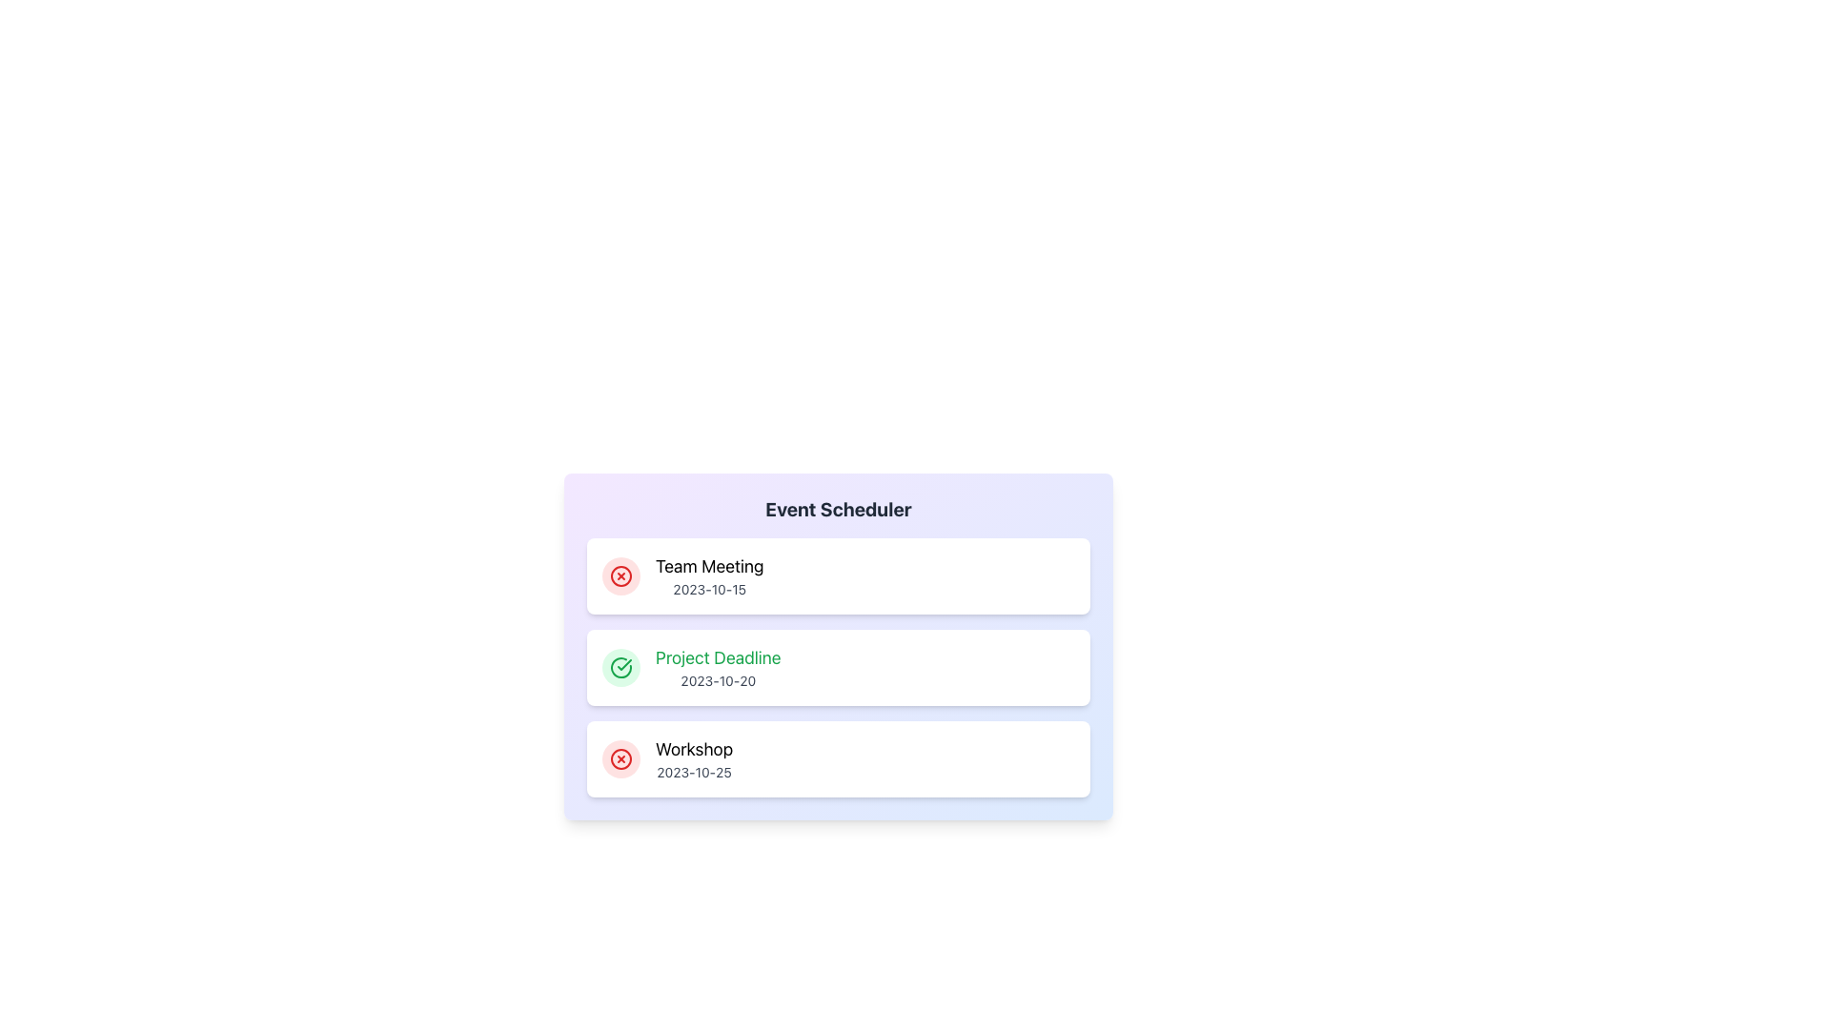 This screenshot has height=1029, width=1830. I want to click on the circular status icon next to the 'Team Meeting' text in the list of scheduled events, so click(621, 575).